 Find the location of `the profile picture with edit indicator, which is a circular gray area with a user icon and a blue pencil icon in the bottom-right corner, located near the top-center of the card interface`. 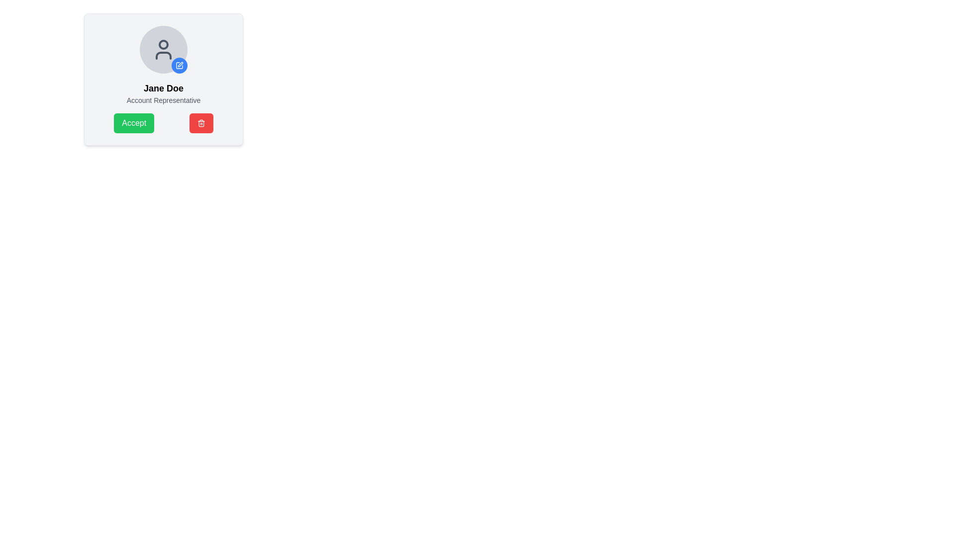

the profile picture with edit indicator, which is a circular gray area with a user icon and a blue pencil icon in the bottom-right corner, located near the top-center of the card interface is located at coordinates (164, 50).